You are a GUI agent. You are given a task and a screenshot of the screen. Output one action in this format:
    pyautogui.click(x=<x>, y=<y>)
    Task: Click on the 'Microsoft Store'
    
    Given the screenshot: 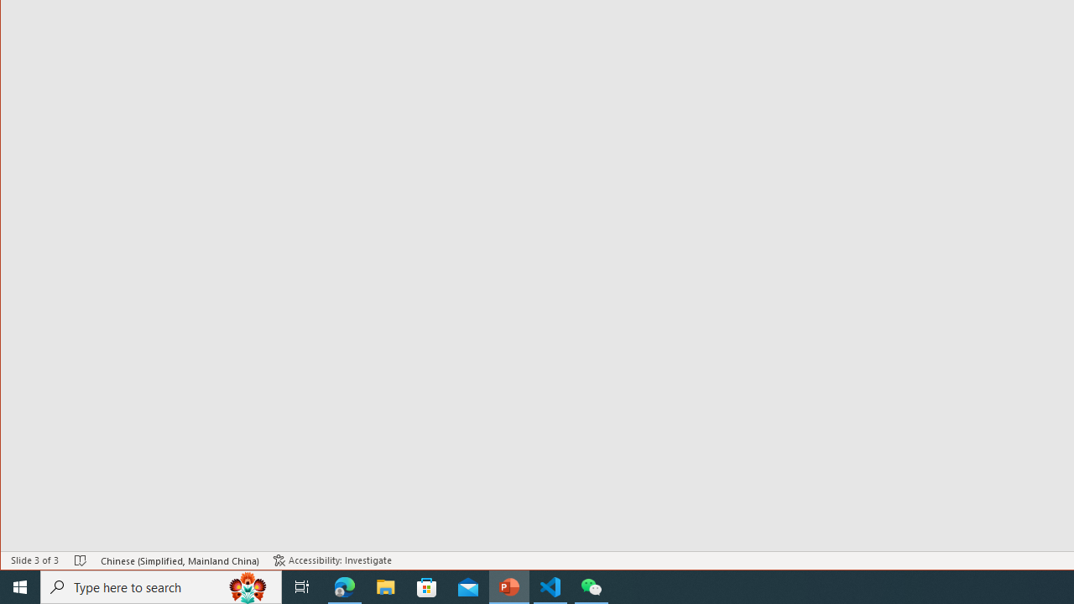 What is the action you would take?
    pyautogui.click(x=427, y=586)
    